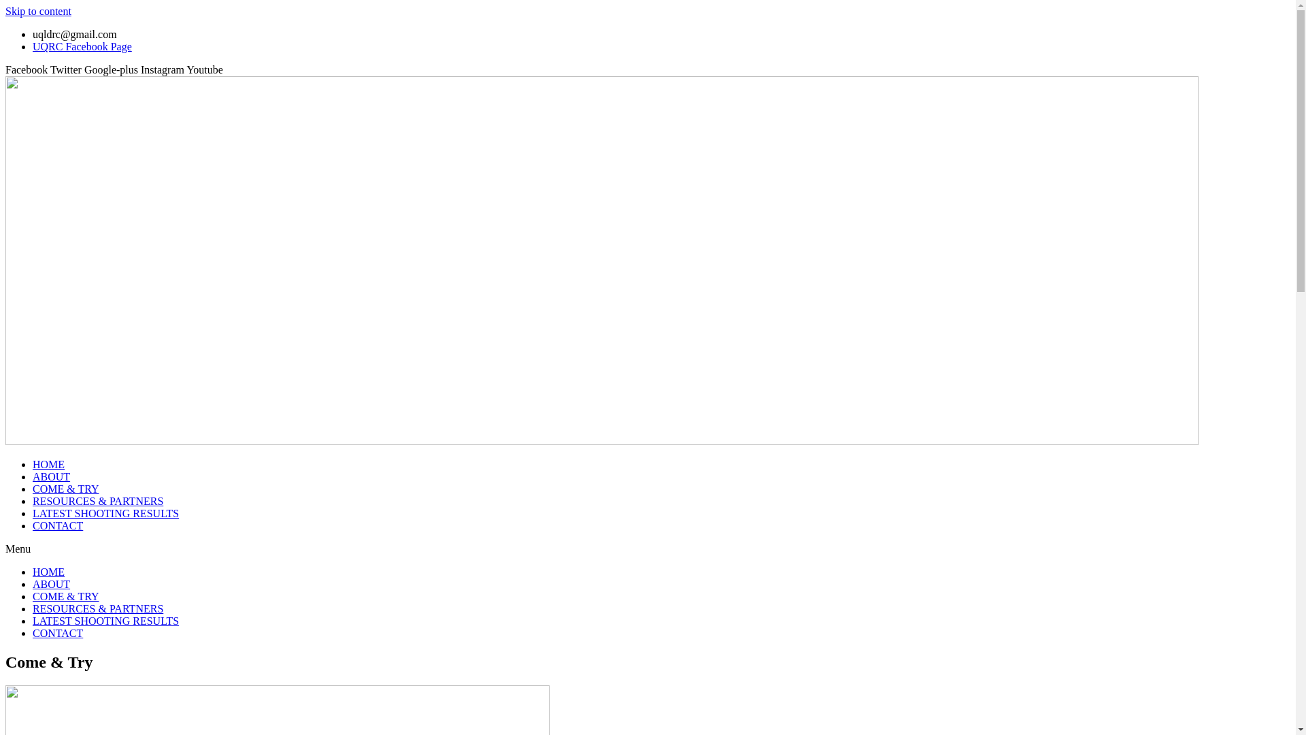 The image size is (1306, 735). Describe the element at coordinates (67, 69) in the screenshot. I see `'Twitter'` at that location.